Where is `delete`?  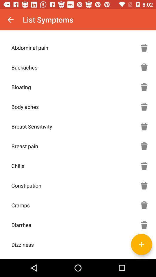
delete is located at coordinates (144, 205).